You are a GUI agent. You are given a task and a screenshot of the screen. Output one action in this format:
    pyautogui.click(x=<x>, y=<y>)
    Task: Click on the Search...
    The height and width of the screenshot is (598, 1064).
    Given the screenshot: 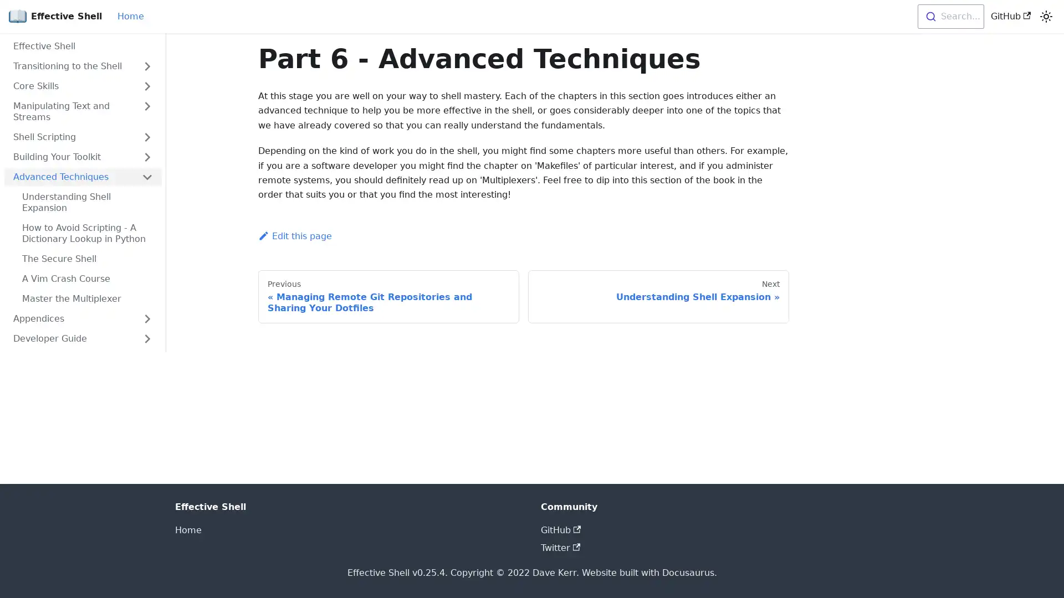 What is the action you would take?
    pyautogui.click(x=949, y=17)
    